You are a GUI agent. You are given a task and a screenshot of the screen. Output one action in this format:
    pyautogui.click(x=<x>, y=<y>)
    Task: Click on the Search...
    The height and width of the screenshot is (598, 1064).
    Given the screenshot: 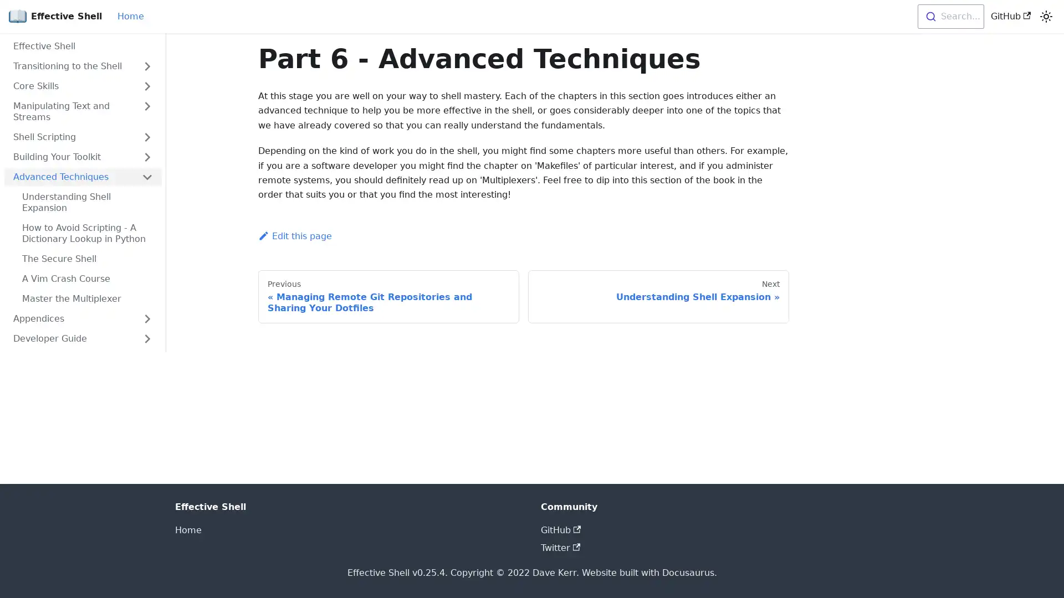 What is the action you would take?
    pyautogui.click(x=949, y=17)
    